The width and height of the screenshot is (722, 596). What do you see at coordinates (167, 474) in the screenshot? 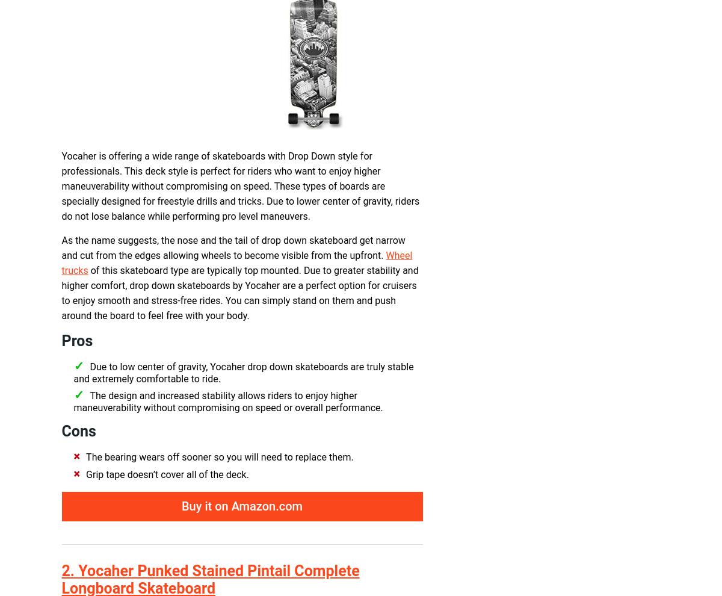
I see `'Grip tape doesn’t cover all of the deck.'` at bounding box center [167, 474].